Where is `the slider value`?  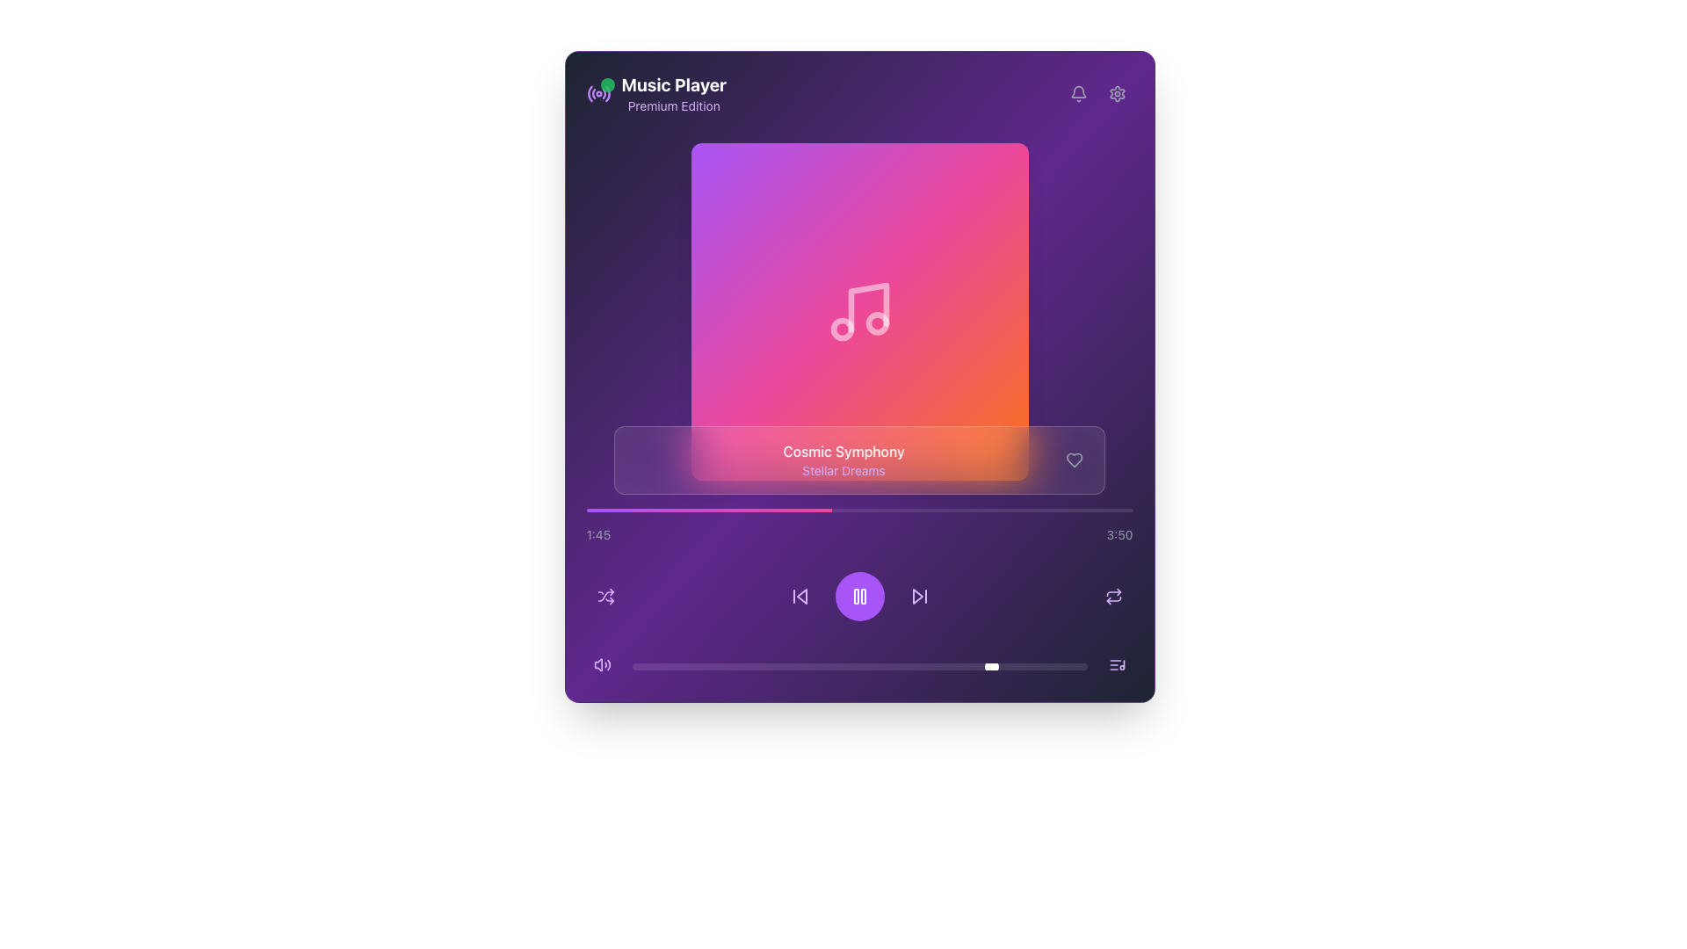
the slider value is located at coordinates (1018, 667).